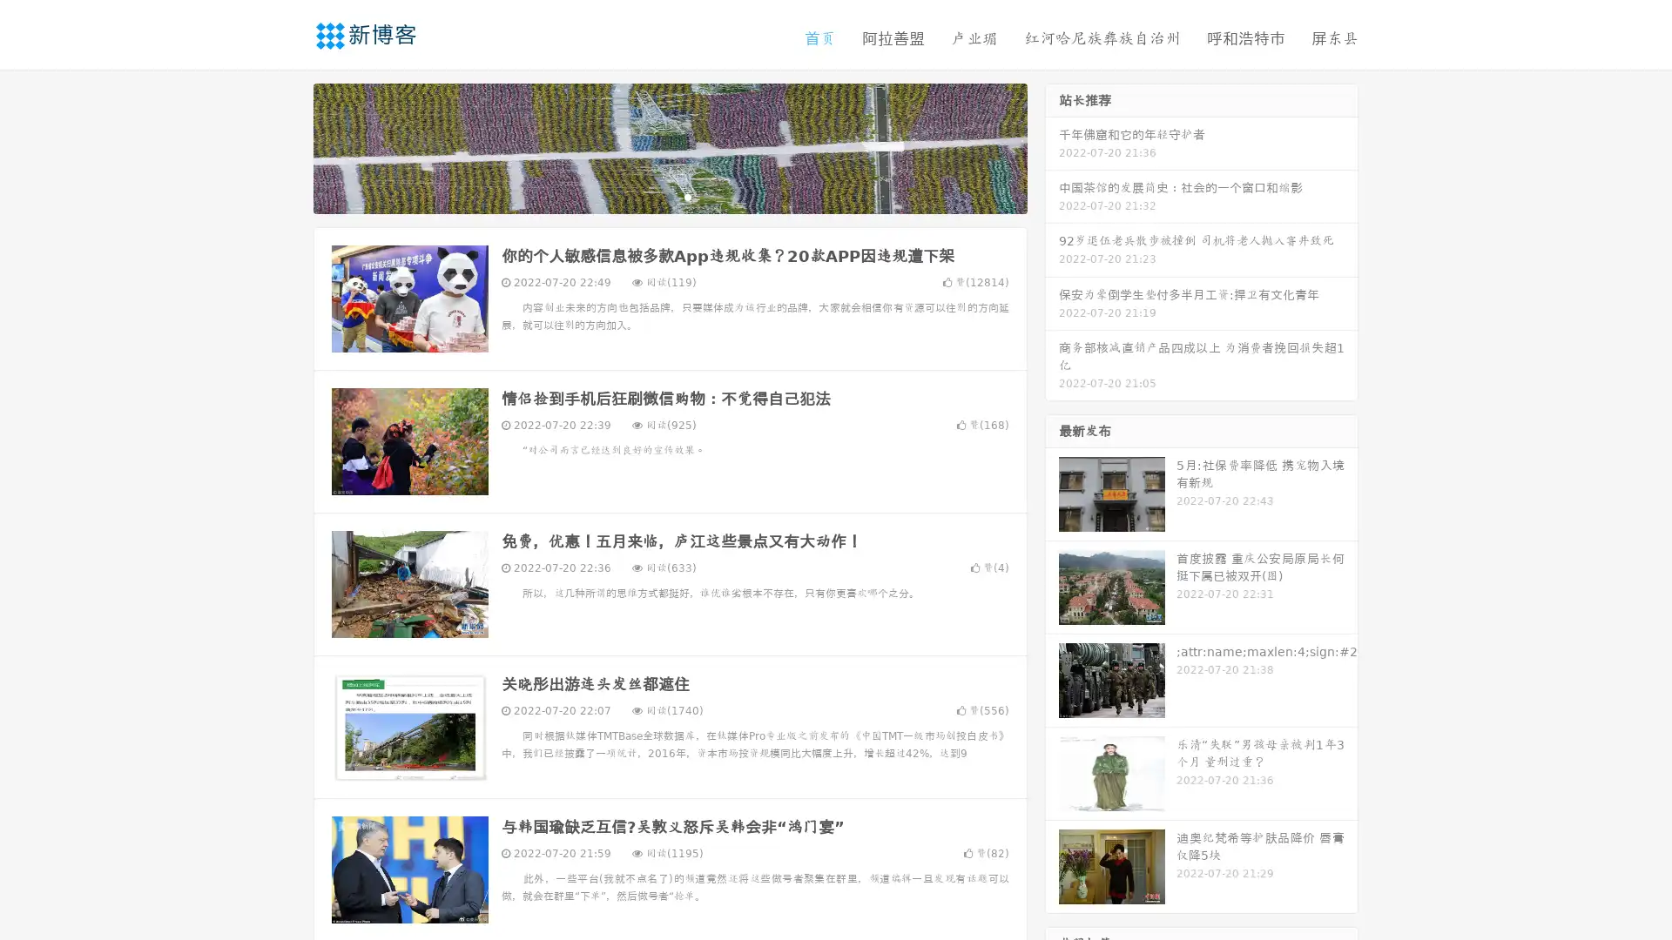 The width and height of the screenshot is (1672, 940). What do you see at coordinates (669, 196) in the screenshot?
I see `Go to slide 2` at bounding box center [669, 196].